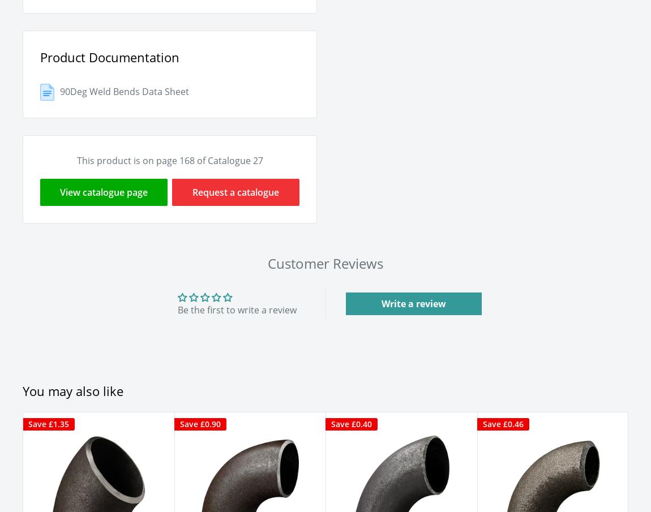  Describe the element at coordinates (237, 308) in the screenshot. I see `'Be the first to write a review'` at that location.